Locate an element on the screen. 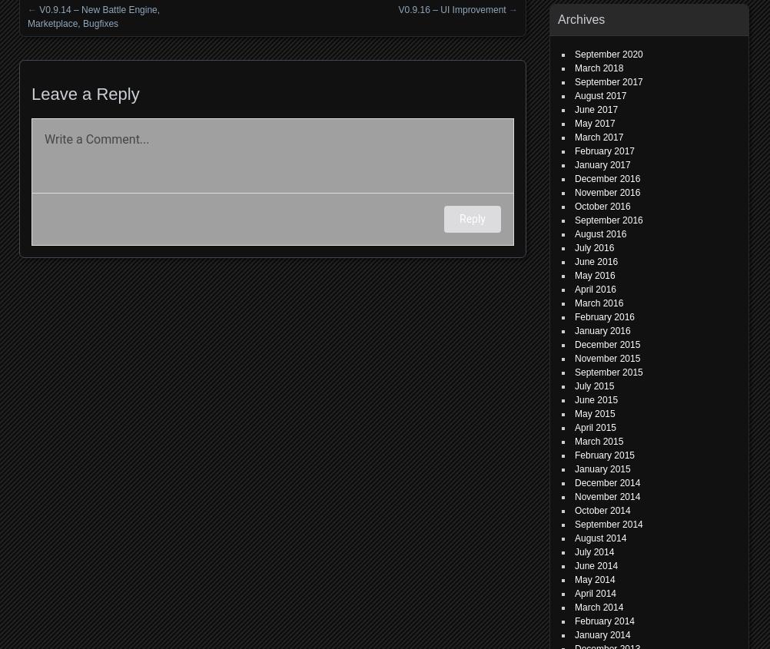  'January 2016' is located at coordinates (574, 331).